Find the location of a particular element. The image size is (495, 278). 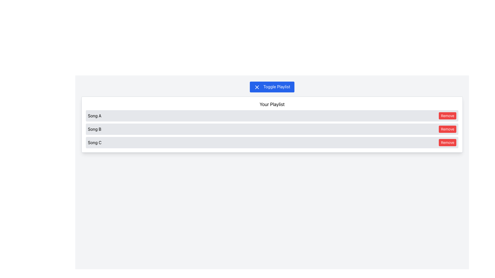

the Static Text element displaying 'Song C', which is part of a list layout with a light gray background, located at the bottommost row of song entries is located at coordinates (95, 142).